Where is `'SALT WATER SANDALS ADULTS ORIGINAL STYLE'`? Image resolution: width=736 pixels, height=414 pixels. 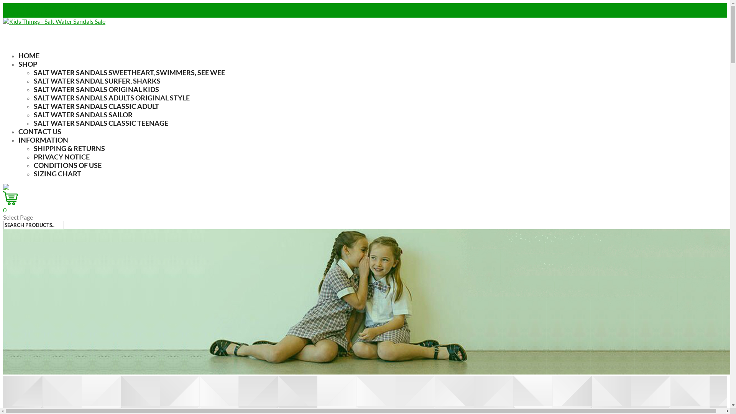
'SALT WATER SANDALS ADULTS ORIGINAL STYLE' is located at coordinates (111, 97).